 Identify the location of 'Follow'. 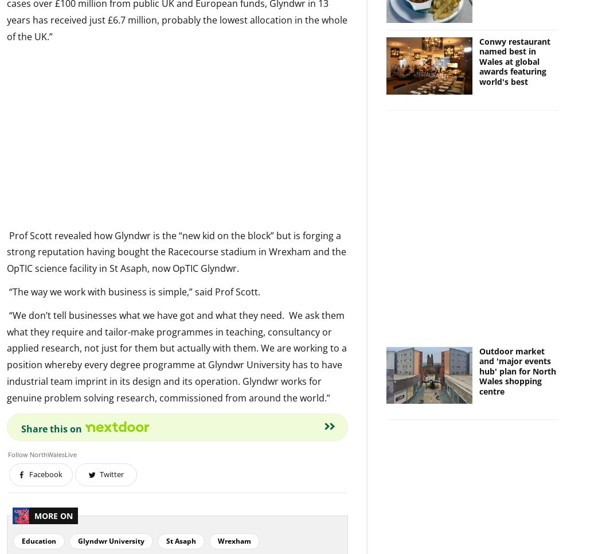
(7, 453).